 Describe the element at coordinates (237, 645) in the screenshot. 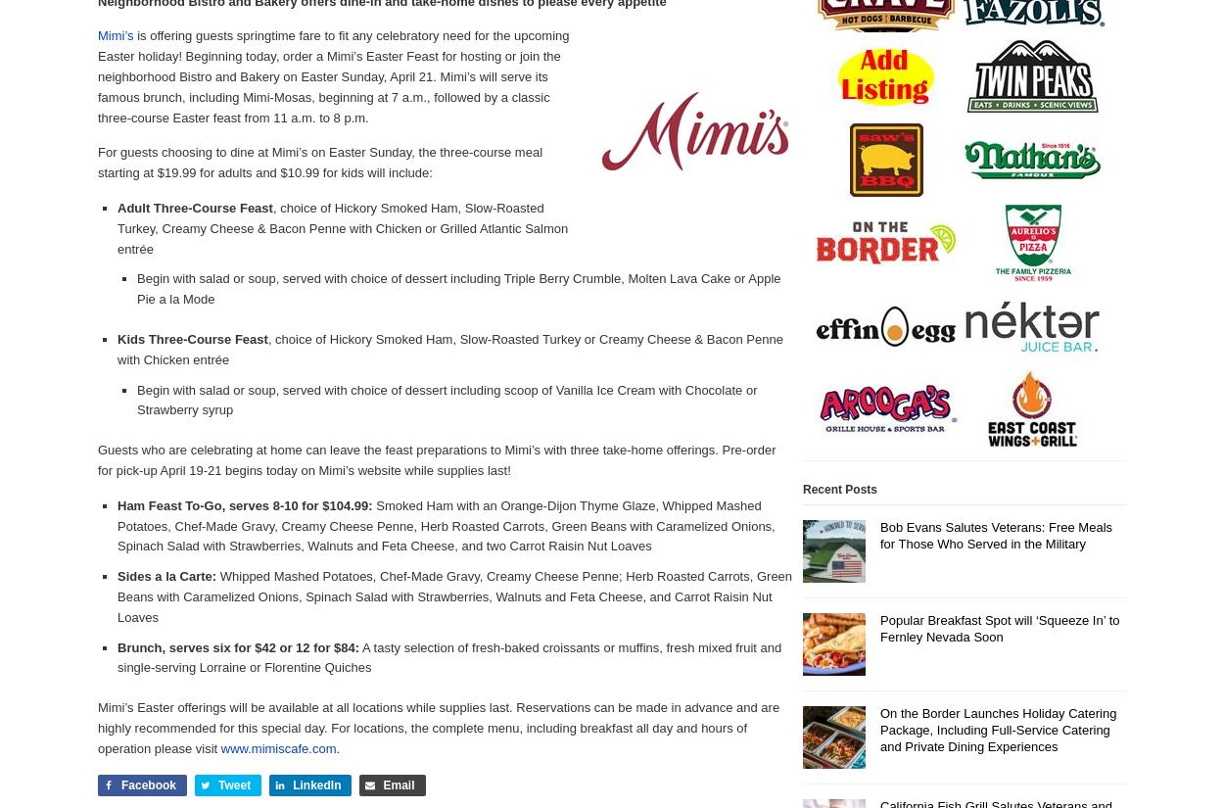

I see `'Brunch, serves six for $42 or 12 for $84:'` at that location.